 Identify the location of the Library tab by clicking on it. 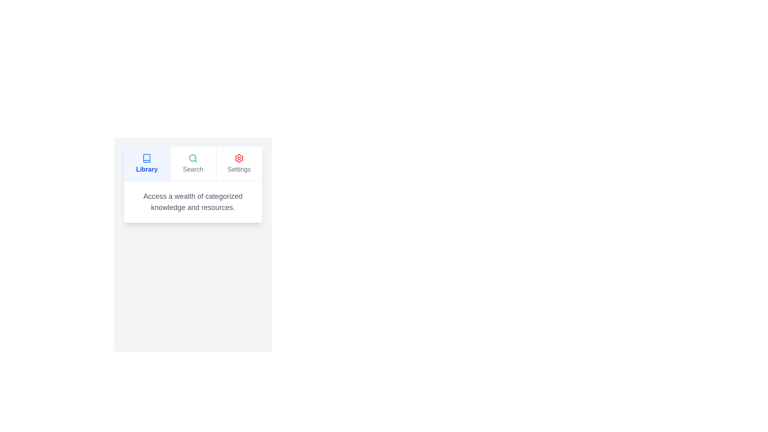
(146, 163).